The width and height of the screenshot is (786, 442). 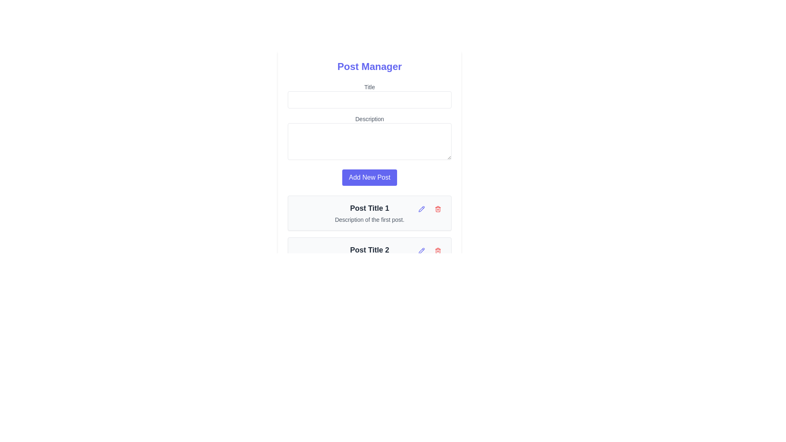 What do you see at coordinates (422, 250) in the screenshot?
I see `the edit button located at the top right of the 'Post Title 2' section to modify the content or properties of the post` at bounding box center [422, 250].